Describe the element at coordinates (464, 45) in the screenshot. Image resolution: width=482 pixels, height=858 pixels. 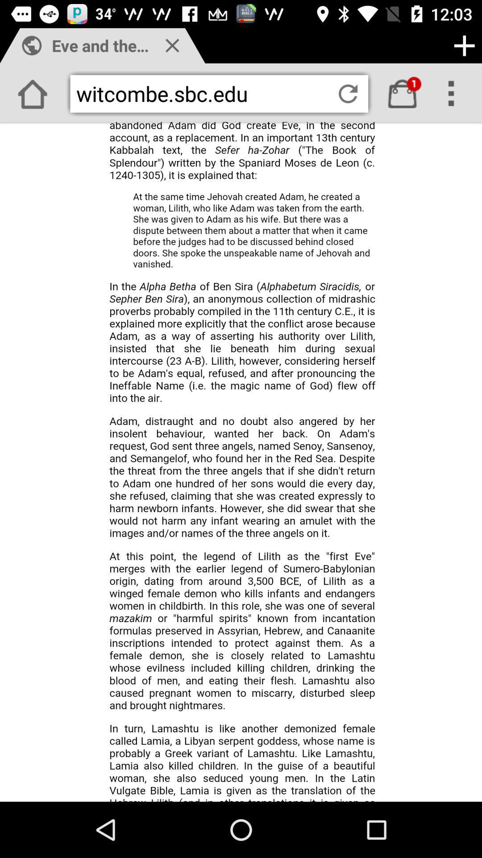
I see `the add icon` at that location.